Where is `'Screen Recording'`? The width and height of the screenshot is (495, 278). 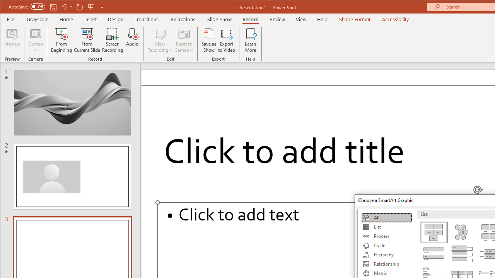
'Screen Recording' is located at coordinates (112, 40).